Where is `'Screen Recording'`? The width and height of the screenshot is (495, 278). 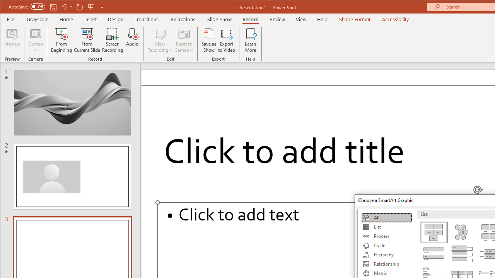
'Screen Recording' is located at coordinates (112, 40).